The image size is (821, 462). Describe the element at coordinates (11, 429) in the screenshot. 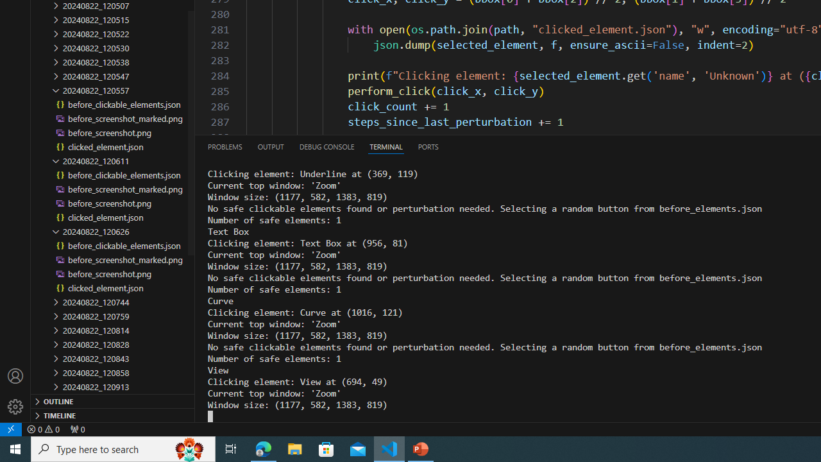

I see `'remote'` at that location.